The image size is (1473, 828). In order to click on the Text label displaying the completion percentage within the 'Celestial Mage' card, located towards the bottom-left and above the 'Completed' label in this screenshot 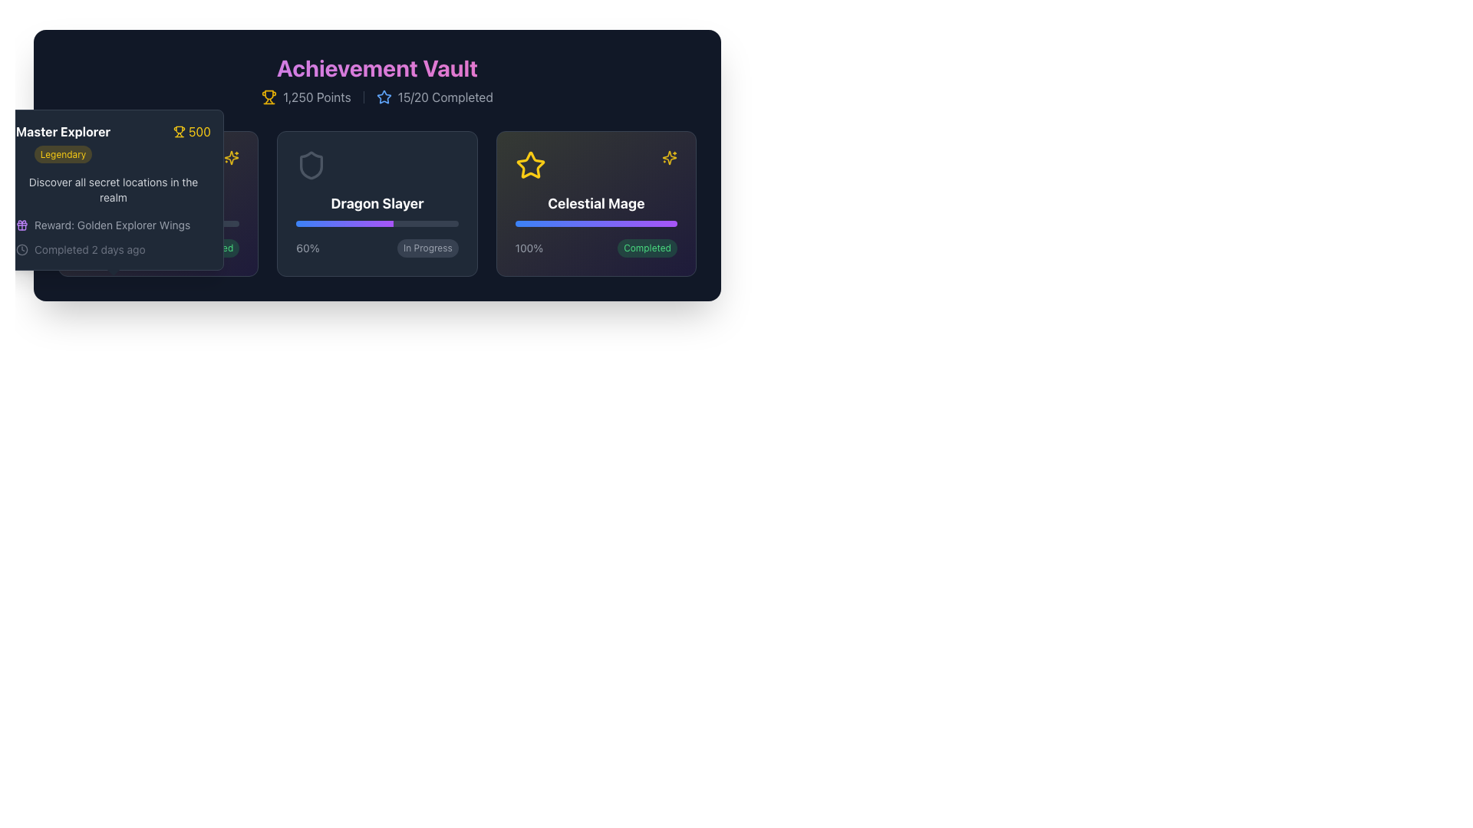, I will do `click(529, 248)`.